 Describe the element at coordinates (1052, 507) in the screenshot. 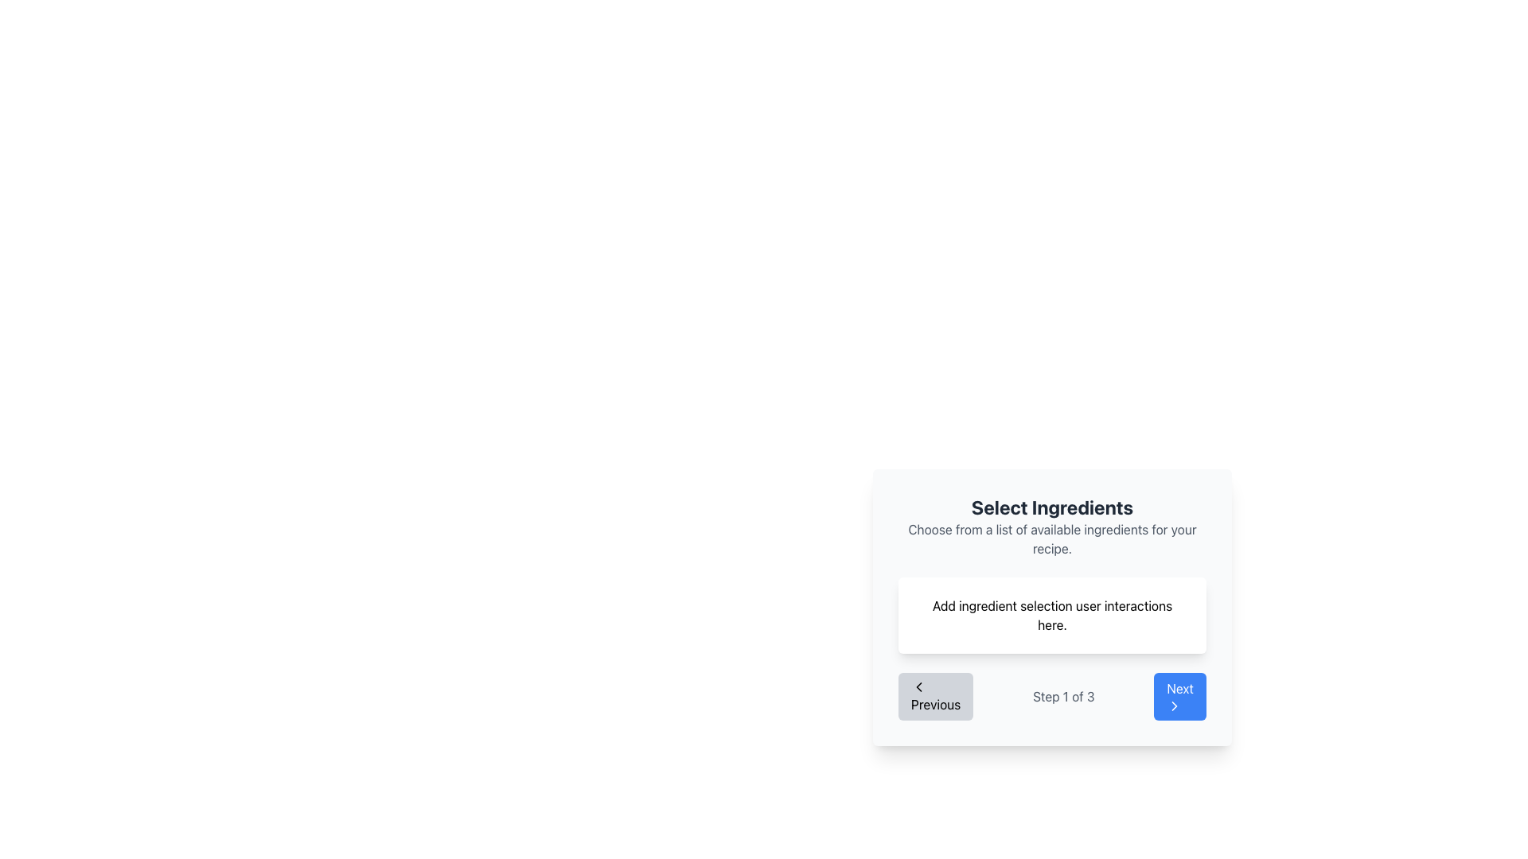

I see `the bolded text element reading 'Select Ingredients' which is positioned centrally at the top of a white rectangular section` at that location.